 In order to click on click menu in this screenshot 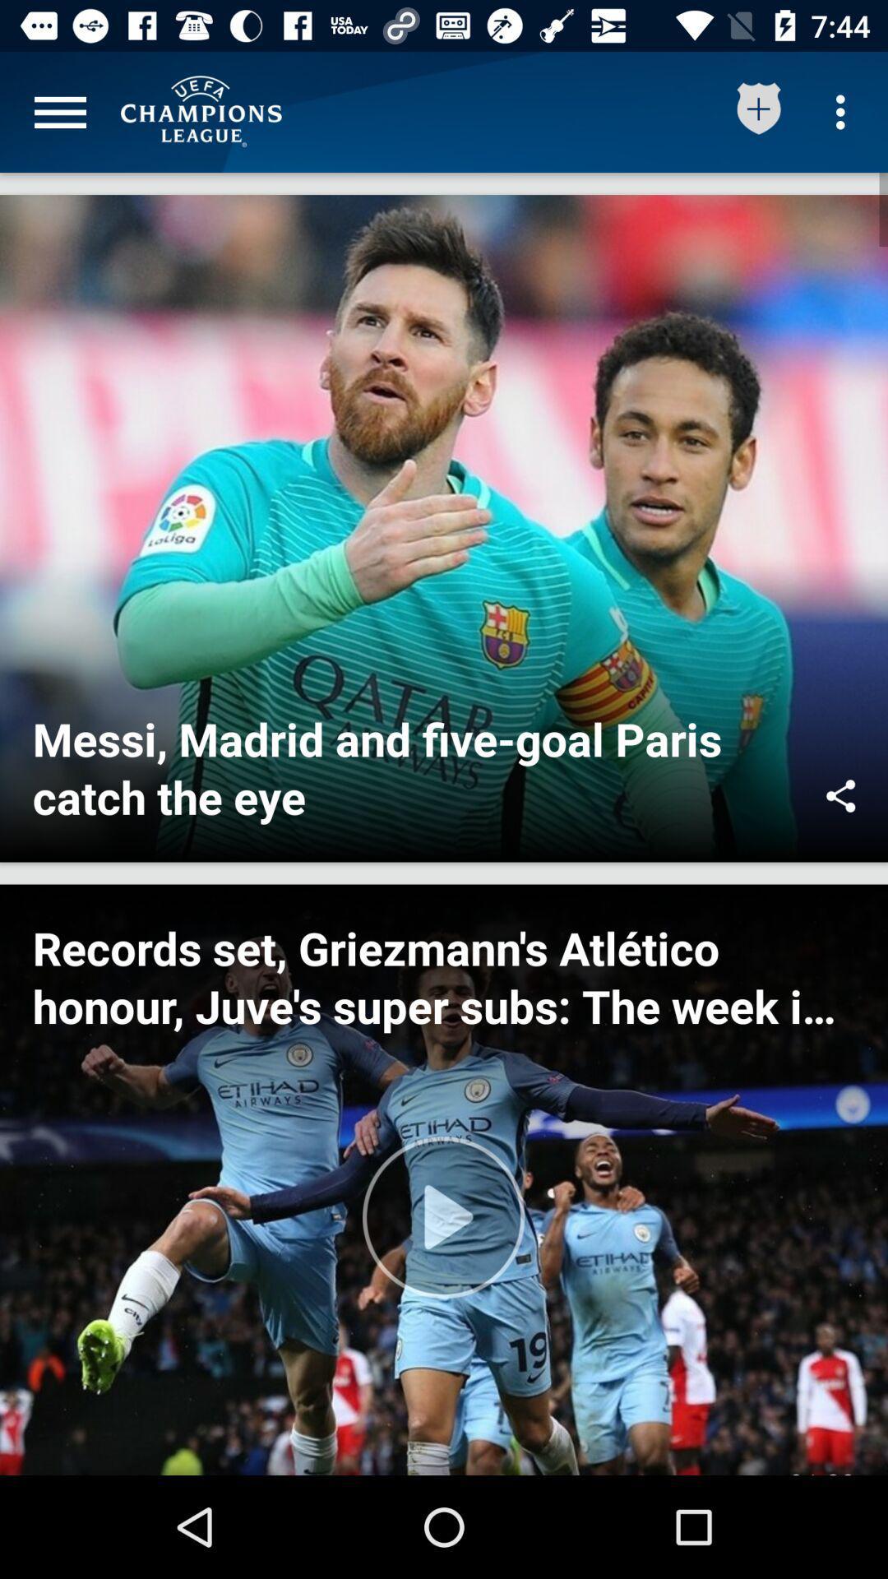, I will do `click(59, 111)`.